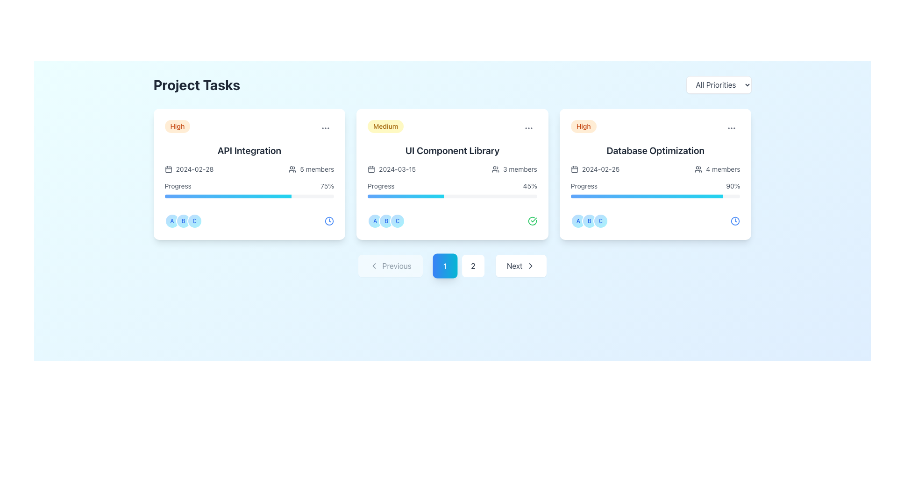 This screenshot has width=897, height=504. Describe the element at coordinates (520, 266) in the screenshot. I see `the 'Next' button, which is a rounded rectangle with a white background and a right-pointing chevron icon` at that location.